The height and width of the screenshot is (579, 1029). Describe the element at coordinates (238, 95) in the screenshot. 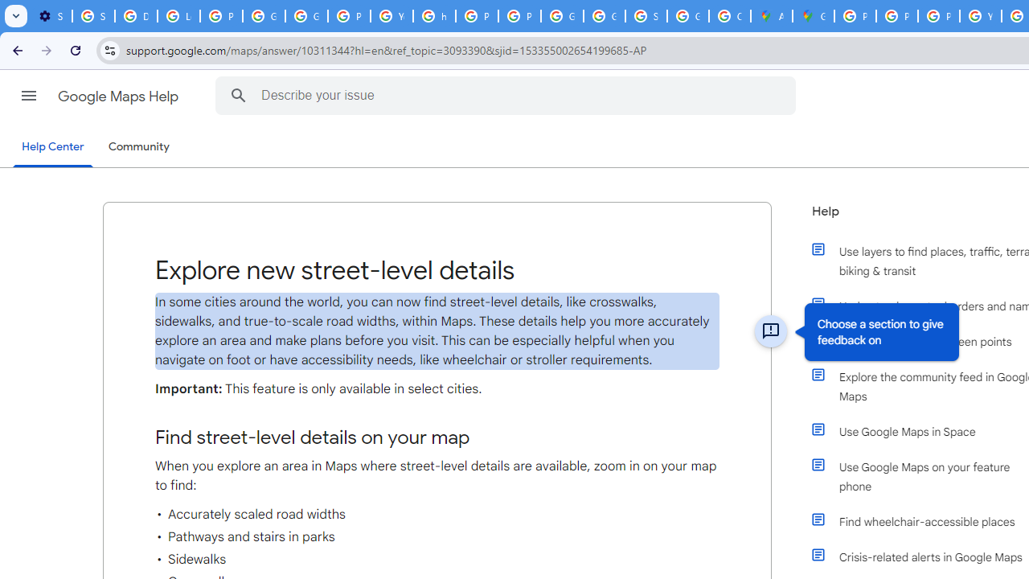

I see `'Search Help Center'` at that location.